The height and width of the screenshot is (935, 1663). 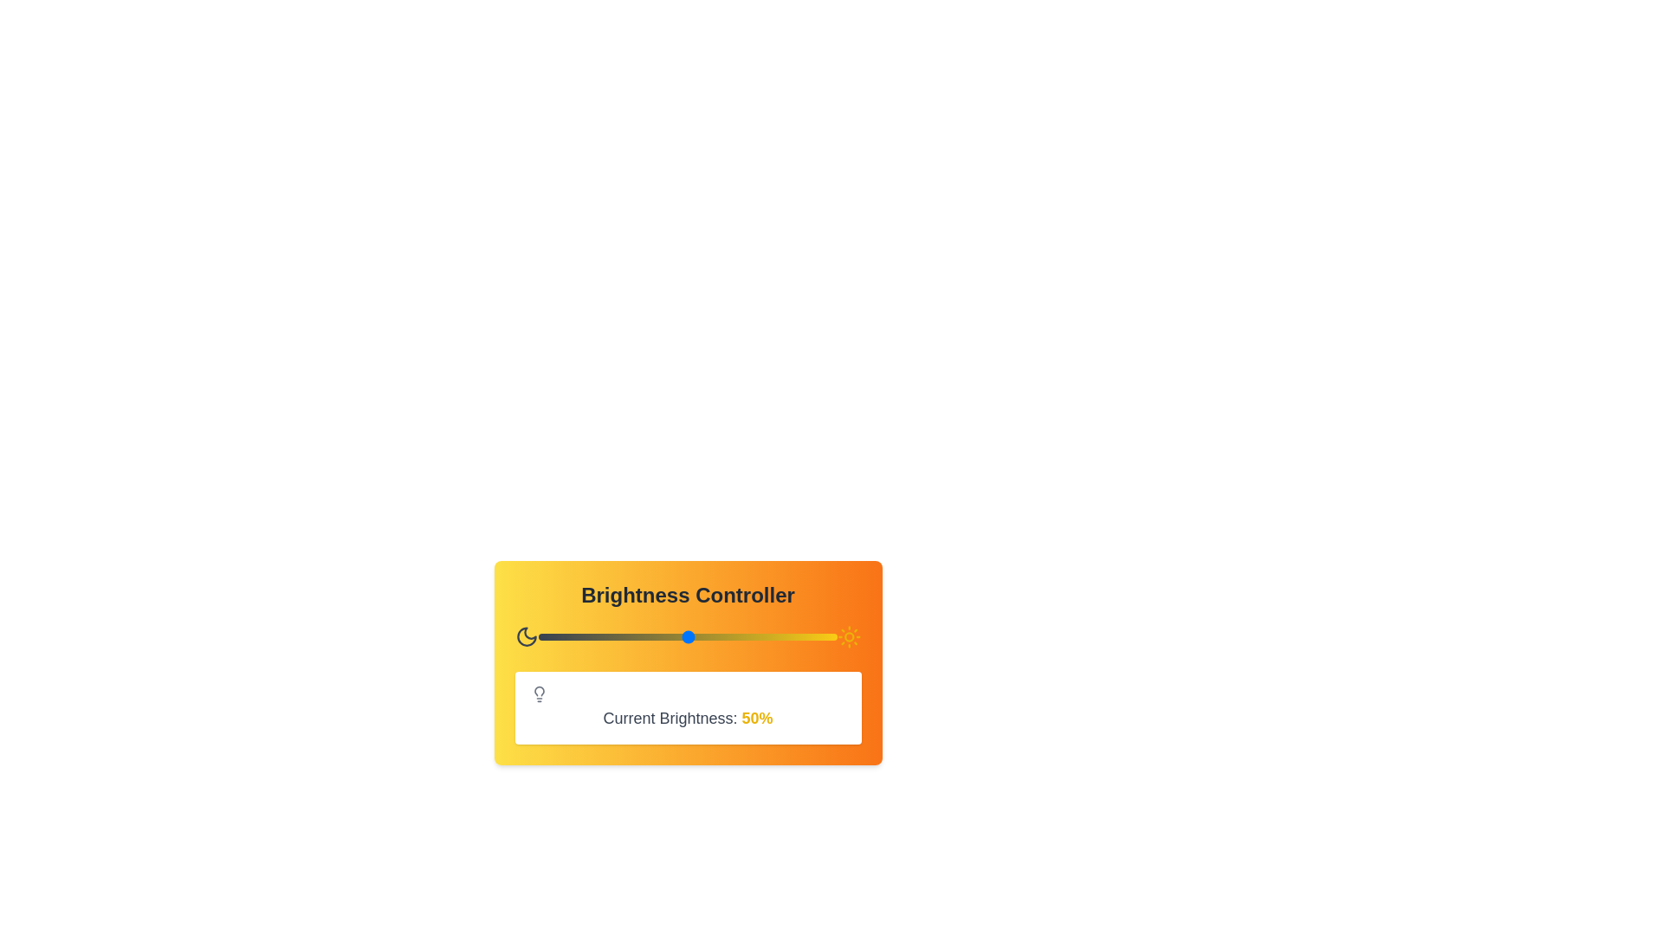 What do you see at coordinates (580, 637) in the screenshot?
I see `the brightness level to 14% by interacting with the slider` at bounding box center [580, 637].